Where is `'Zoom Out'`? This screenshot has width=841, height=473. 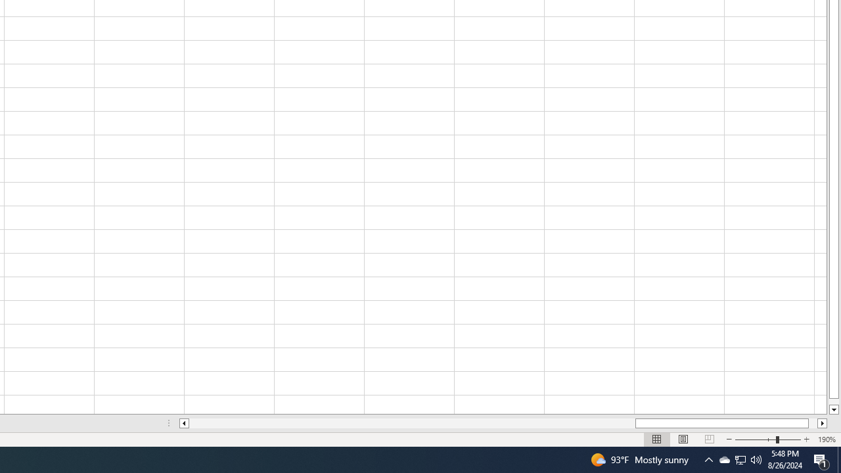 'Zoom Out' is located at coordinates (756, 439).